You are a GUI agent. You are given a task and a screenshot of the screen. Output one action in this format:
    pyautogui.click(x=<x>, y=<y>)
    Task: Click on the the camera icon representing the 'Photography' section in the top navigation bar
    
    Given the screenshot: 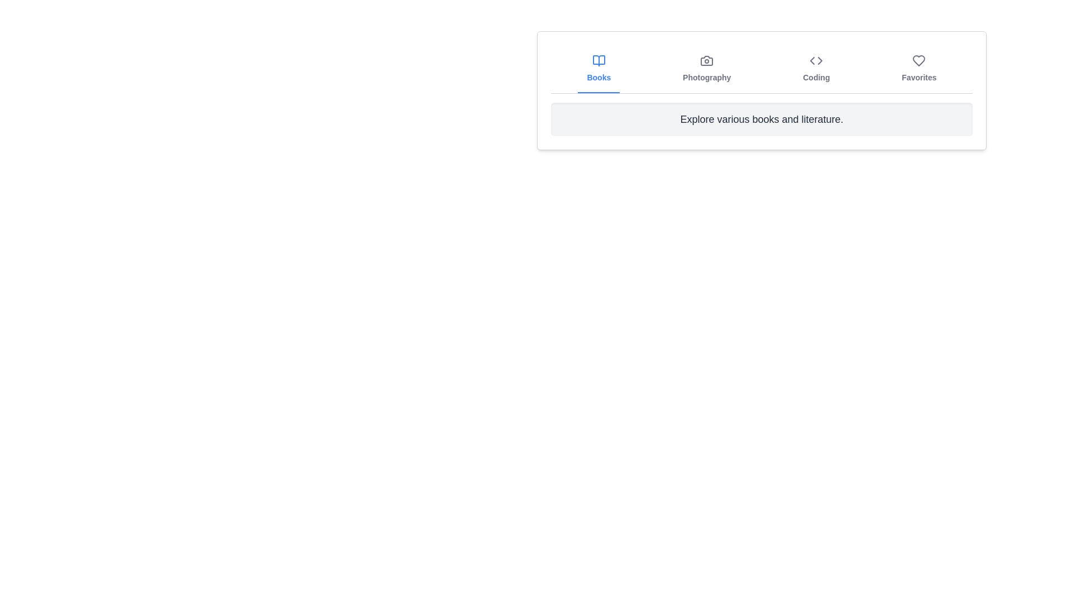 What is the action you would take?
    pyautogui.click(x=706, y=60)
    